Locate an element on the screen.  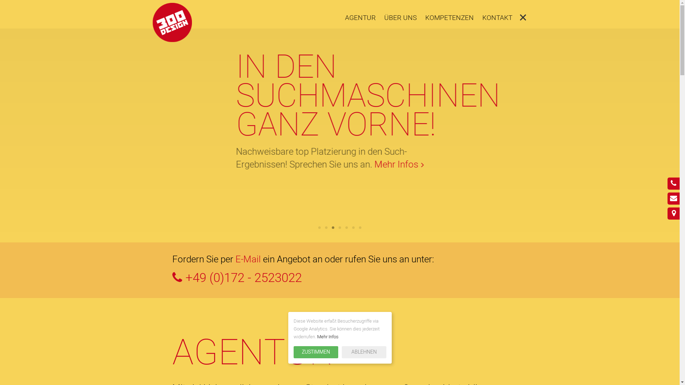
'7' is located at coordinates (359, 227).